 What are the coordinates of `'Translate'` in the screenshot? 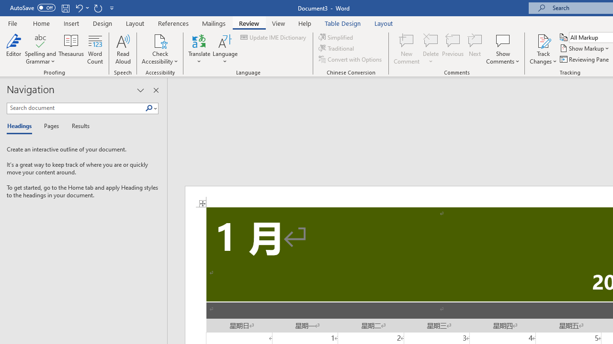 It's located at (199, 49).